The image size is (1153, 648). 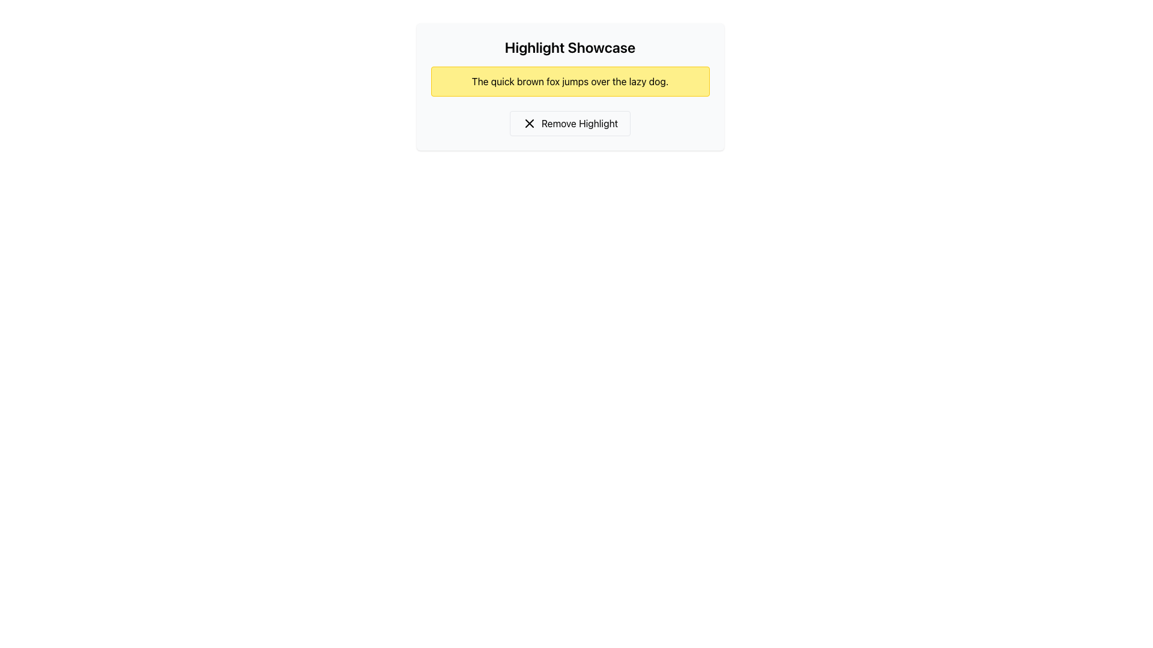 I want to click on the 'Remove Highlight' button located at the bottom of the 'Highlight Showcase' section, so click(x=569, y=123).